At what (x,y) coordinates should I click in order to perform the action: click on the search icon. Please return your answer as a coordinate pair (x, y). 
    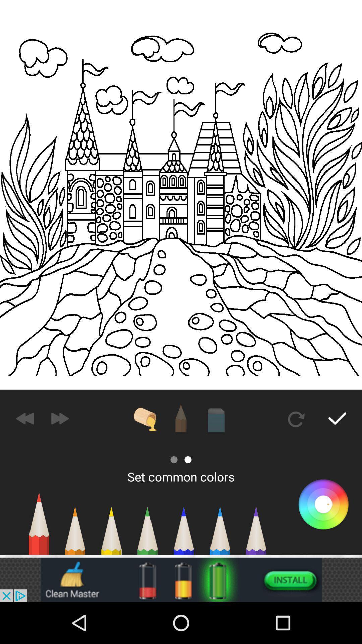
    Looking at the image, I should click on (323, 540).